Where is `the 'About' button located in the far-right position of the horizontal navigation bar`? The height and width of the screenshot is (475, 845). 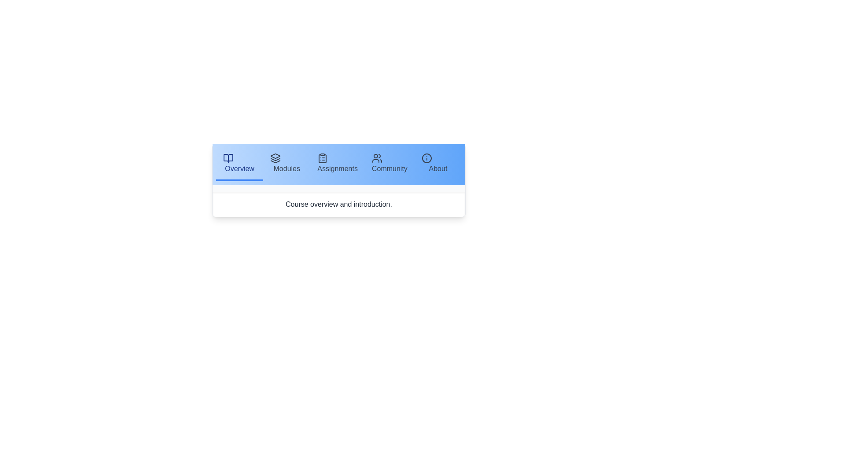
the 'About' button located in the far-right position of the horizontal navigation bar is located at coordinates (438, 169).